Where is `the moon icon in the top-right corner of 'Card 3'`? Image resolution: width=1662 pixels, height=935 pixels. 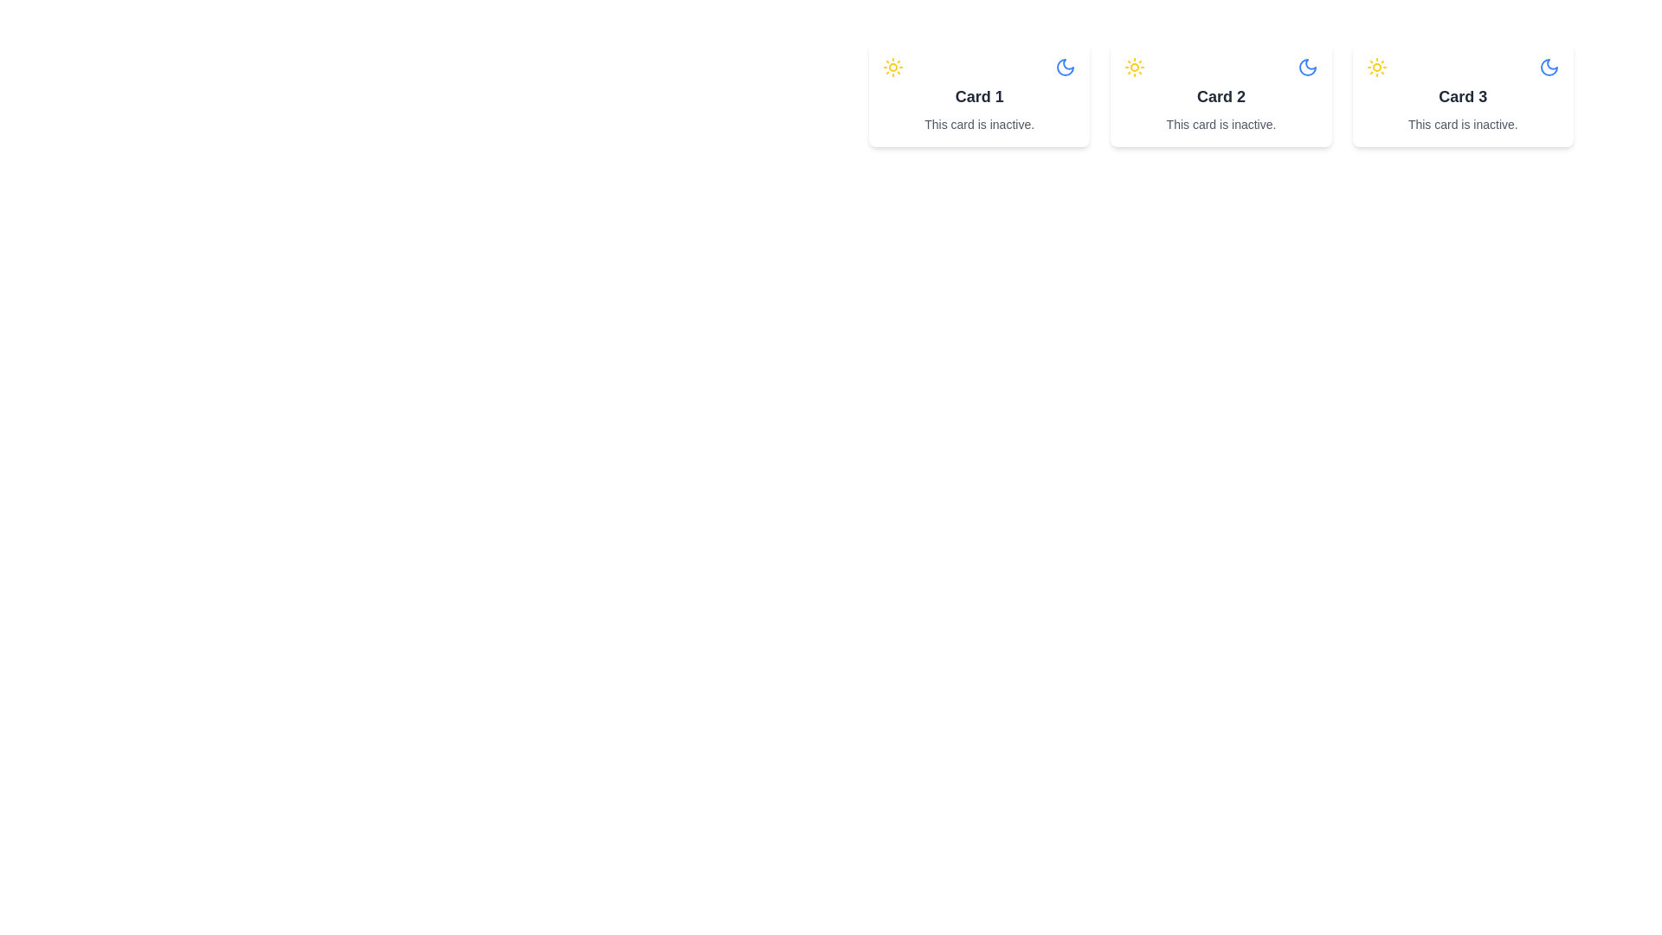
the moon icon in the top-right corner of 'Card 3' is located at coordinates (1549, 66).